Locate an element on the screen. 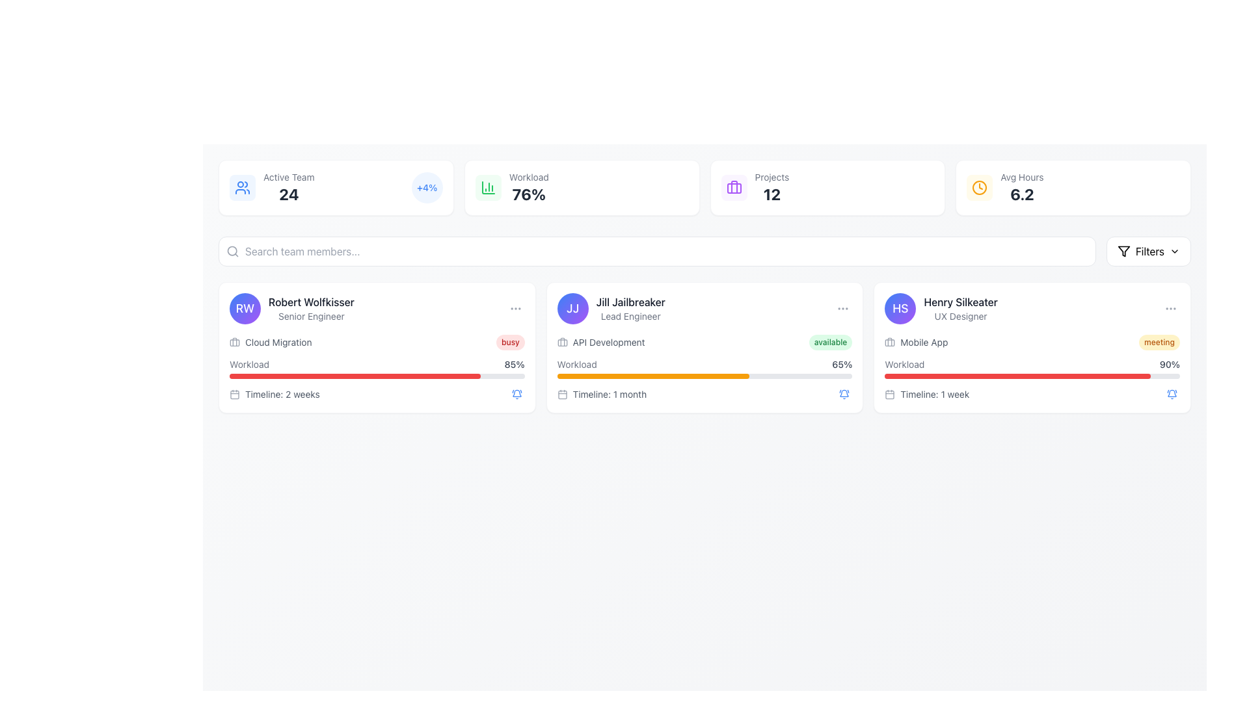 Image resolution: width=1249 pixels, height=702 pixels. the 'Projects' metric display card, which is the third card in a row of metric cards is located at coordinates (827, 188).